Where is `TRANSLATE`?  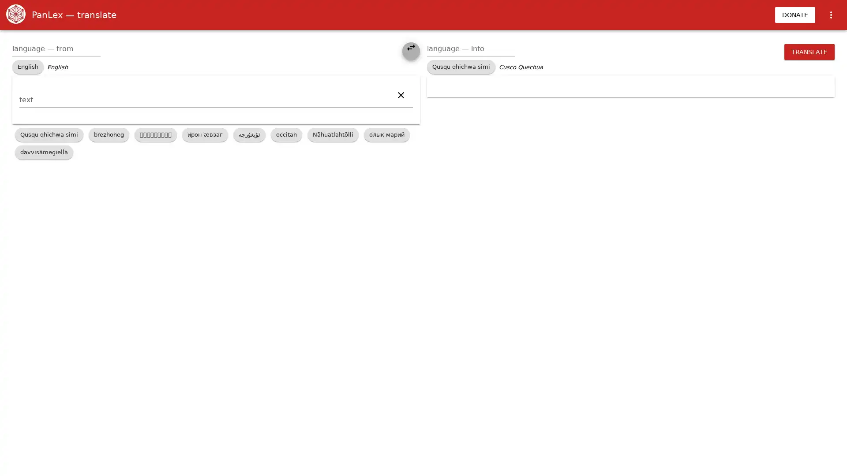
TRANSLATE is located at coordinates (809, 52).